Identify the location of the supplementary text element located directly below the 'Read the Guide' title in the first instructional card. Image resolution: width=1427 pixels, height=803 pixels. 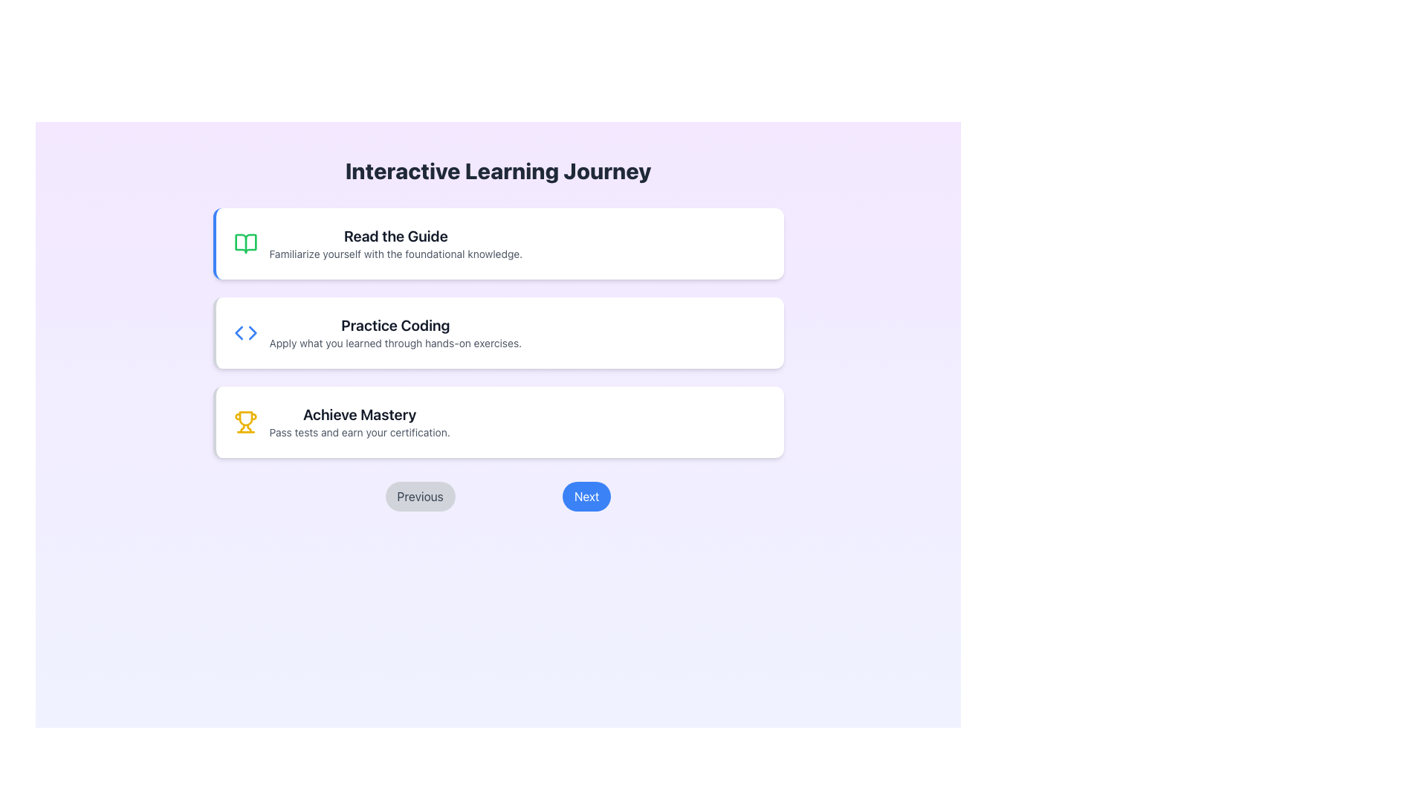
(395, 254).